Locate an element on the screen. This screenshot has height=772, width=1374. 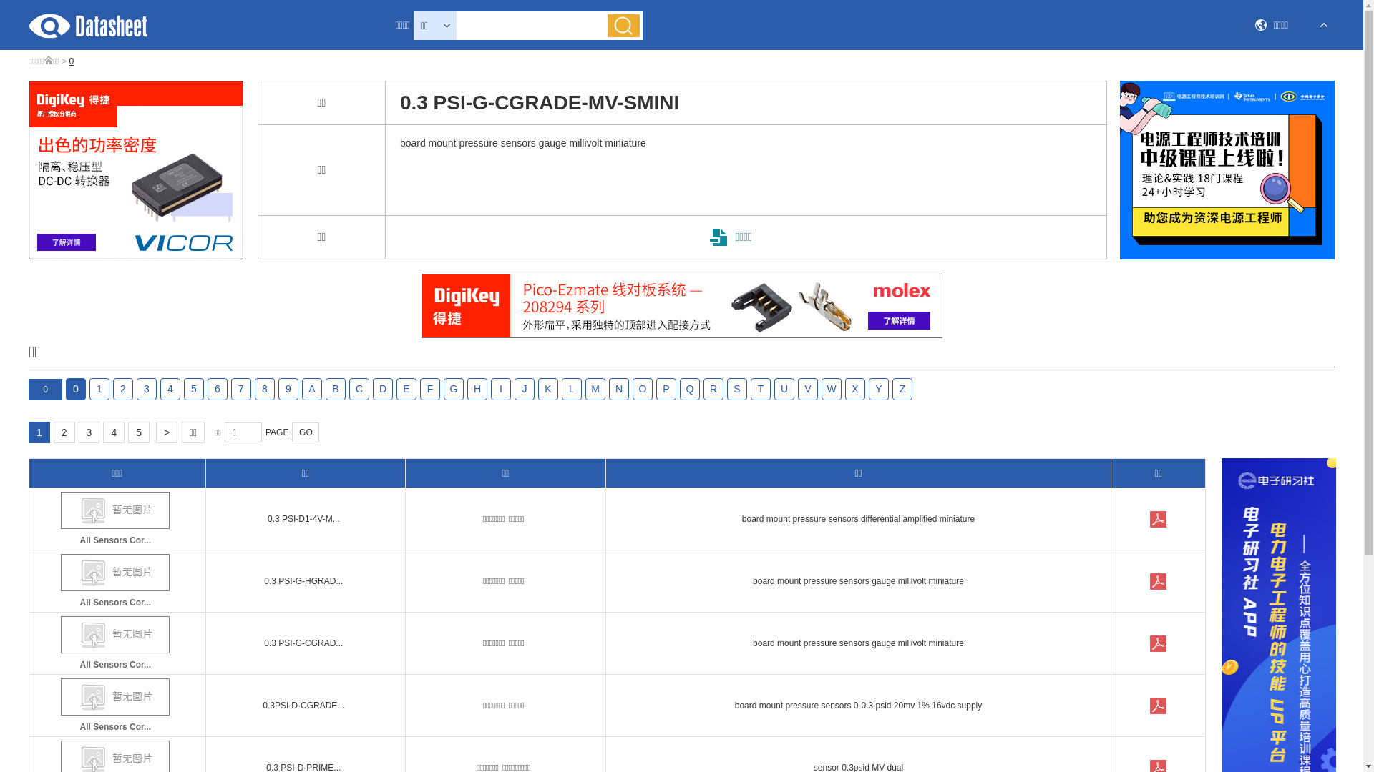
'0.3 PSI-G-HGRAD...' is located at coordinates (302, 581).